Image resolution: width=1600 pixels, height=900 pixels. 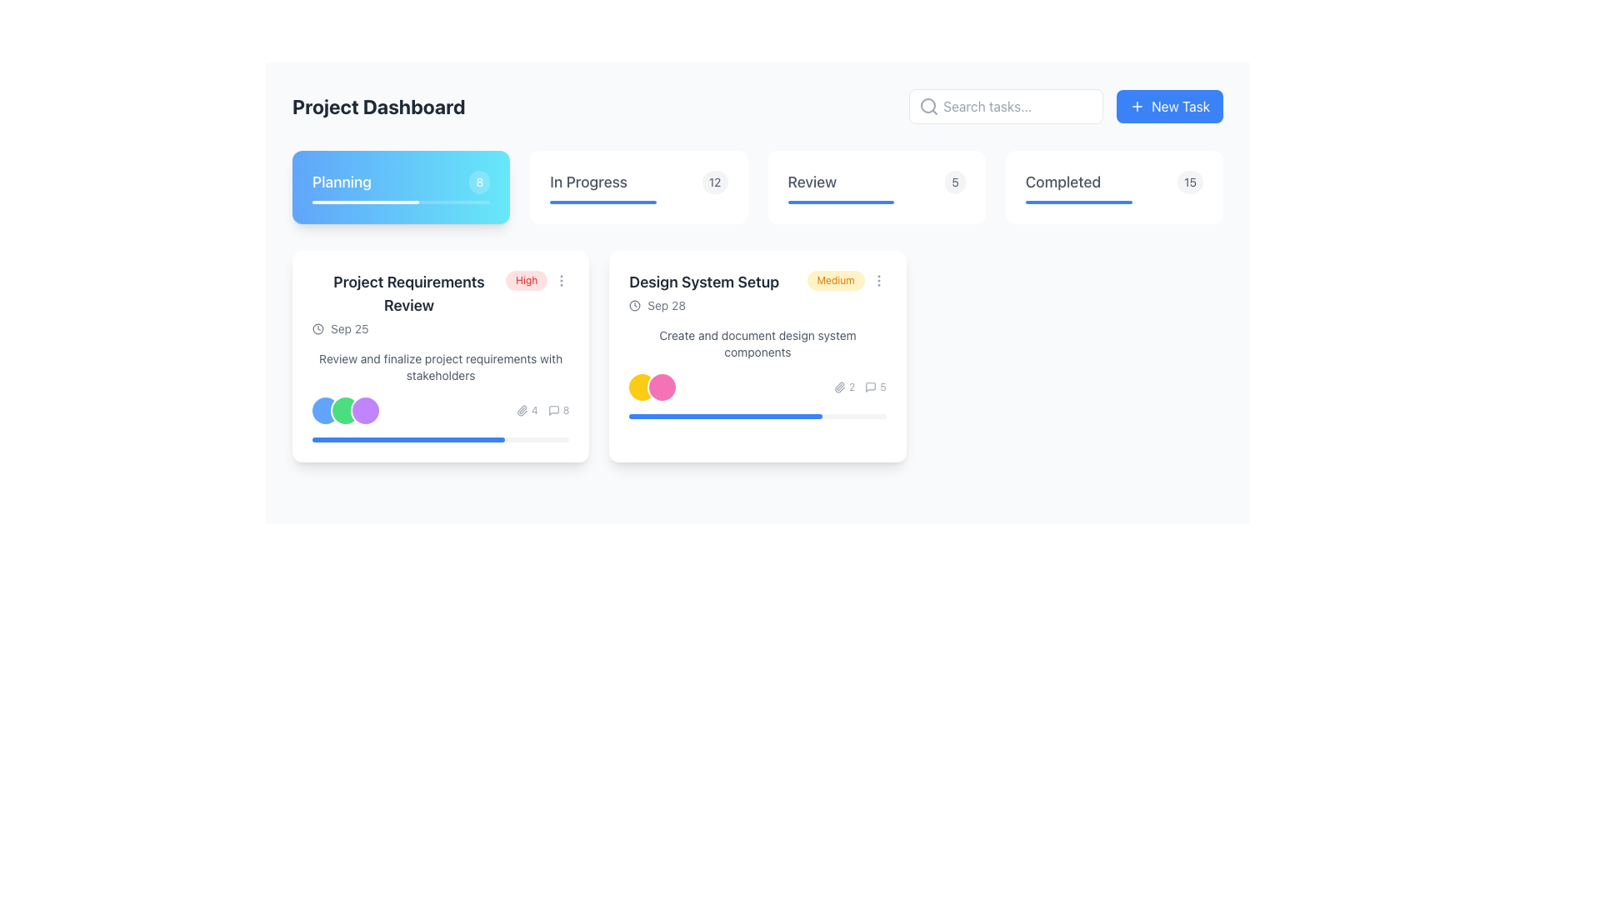 What do you see at coordinates (844, 387) in the screenshot?
I see `the label that displays the count of attachments for the 'Design System Setup' card located in the 'Completed' section` at bounding box center [844, 387].